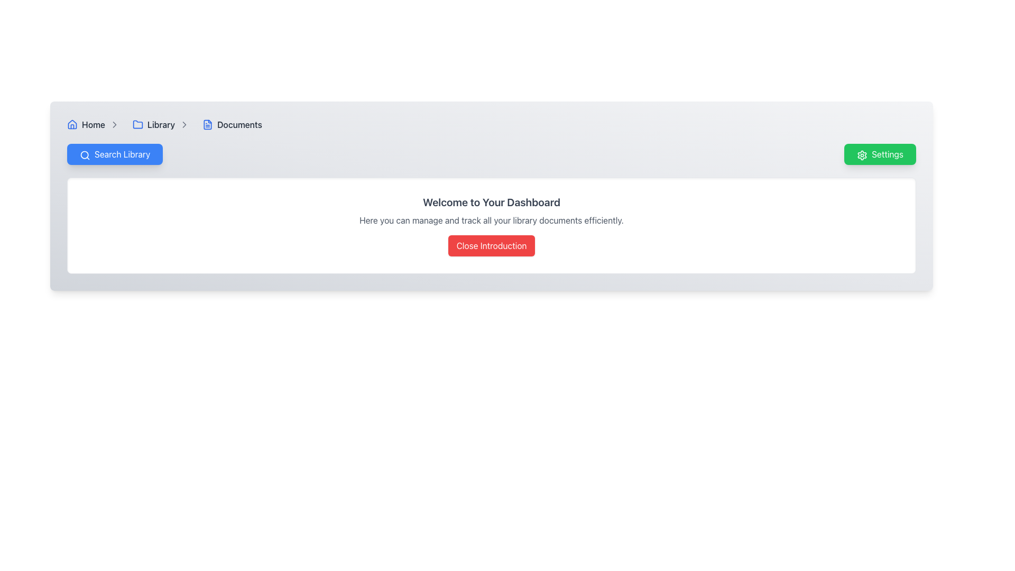 Image resolution: width=1015 pixels, height=571 pixels. What do you see at coordinates (862, 155) in the screenshot?
I see `the gear icon on the left side of the 'Settings' button` at bounding box center [862, 155].